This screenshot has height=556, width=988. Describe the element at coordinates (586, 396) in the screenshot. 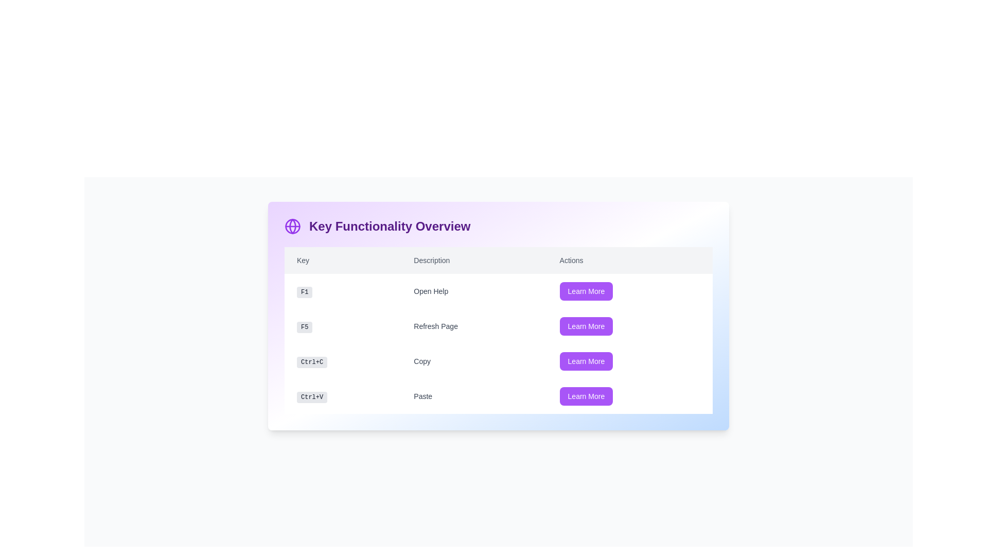

I see `the 'Learn More' button in the 'Actions' column of the 'Paste' functionality row` at that location.